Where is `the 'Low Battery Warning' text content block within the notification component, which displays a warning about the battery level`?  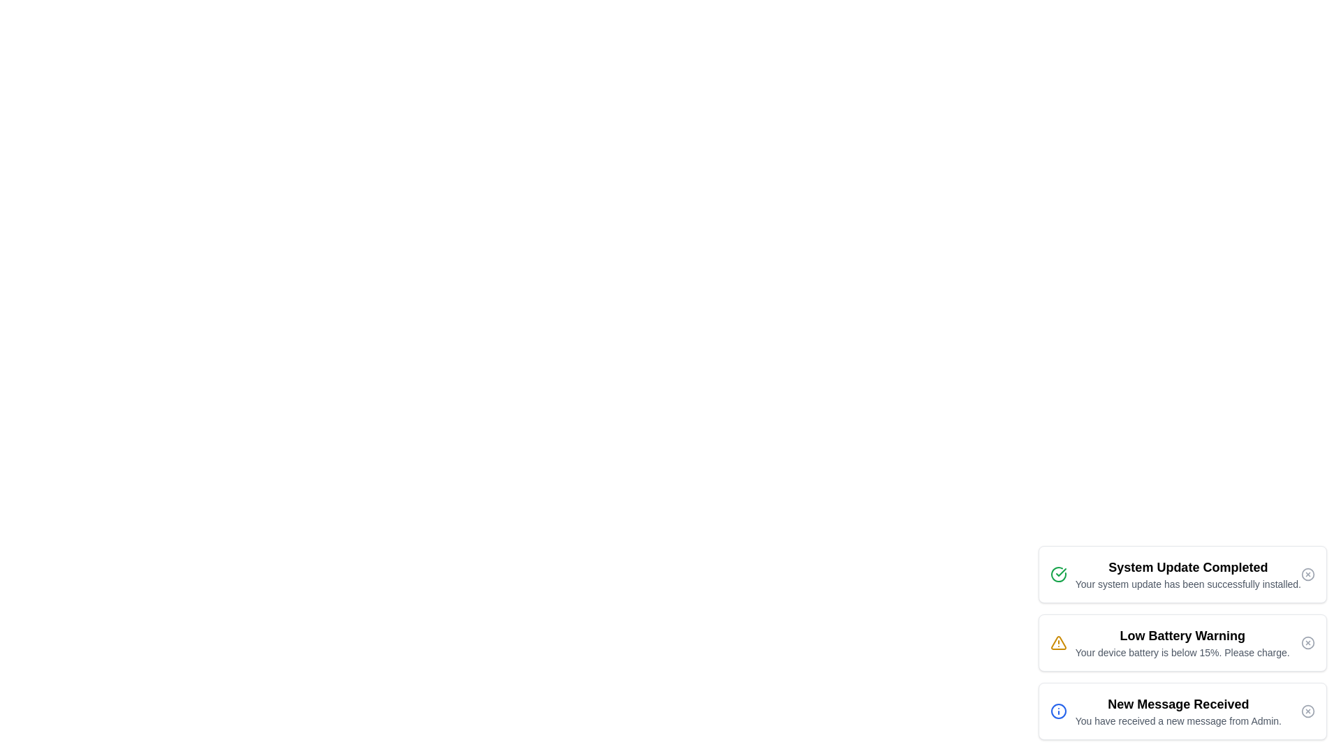 the 'Low Battery Warning' text content block within the notification component, which displays a warning about the battery level is located at coordinates (1182, 643).